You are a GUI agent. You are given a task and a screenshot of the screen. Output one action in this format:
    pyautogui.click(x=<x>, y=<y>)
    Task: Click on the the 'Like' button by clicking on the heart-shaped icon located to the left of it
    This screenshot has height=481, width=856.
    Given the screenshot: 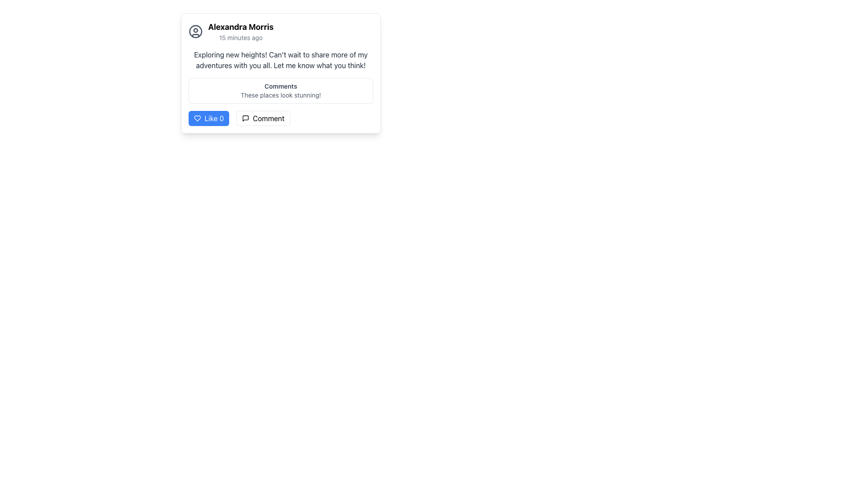 What is the action you would take?
    pyautogui.click(x=197, y=118)
    